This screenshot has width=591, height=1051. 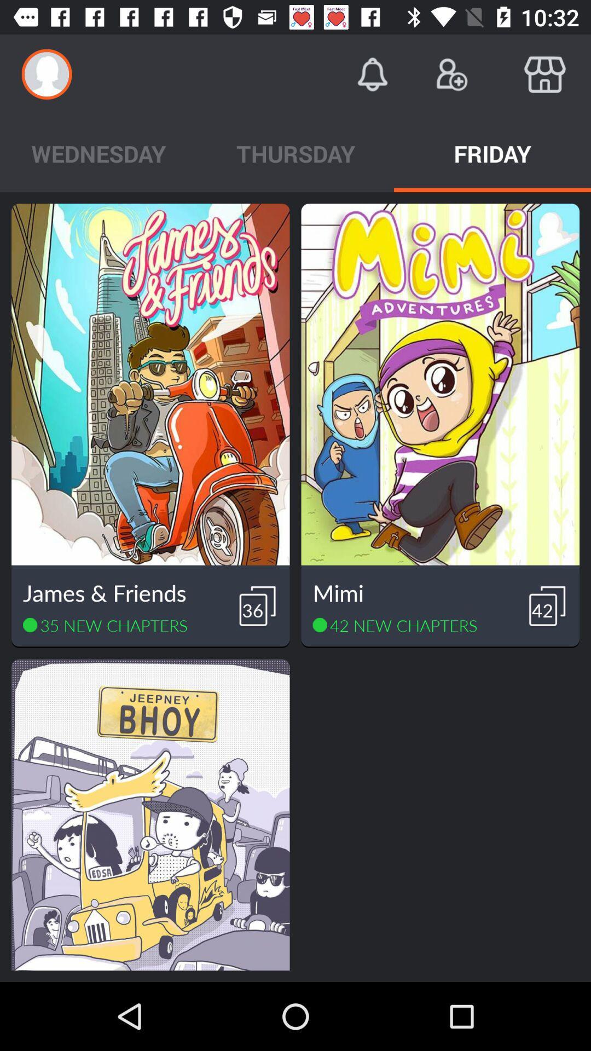 I want to click on the icon next to thursday, so click(x=491, y=153).